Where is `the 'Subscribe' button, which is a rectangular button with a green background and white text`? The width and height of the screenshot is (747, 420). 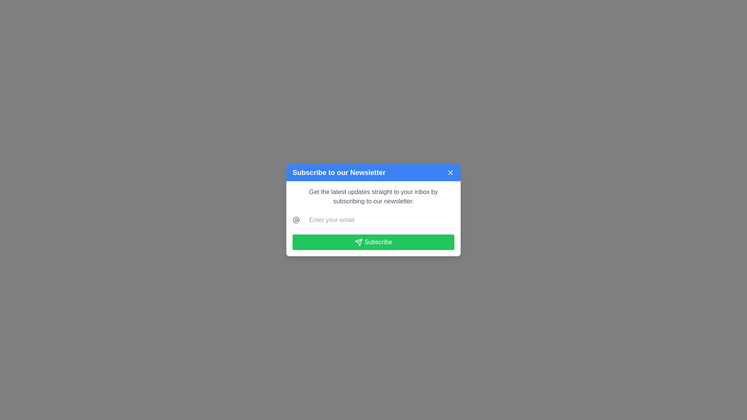 the 'Subscribe' button, which is a rectangular button with a green background and white text is located at coordinates (373, 241).